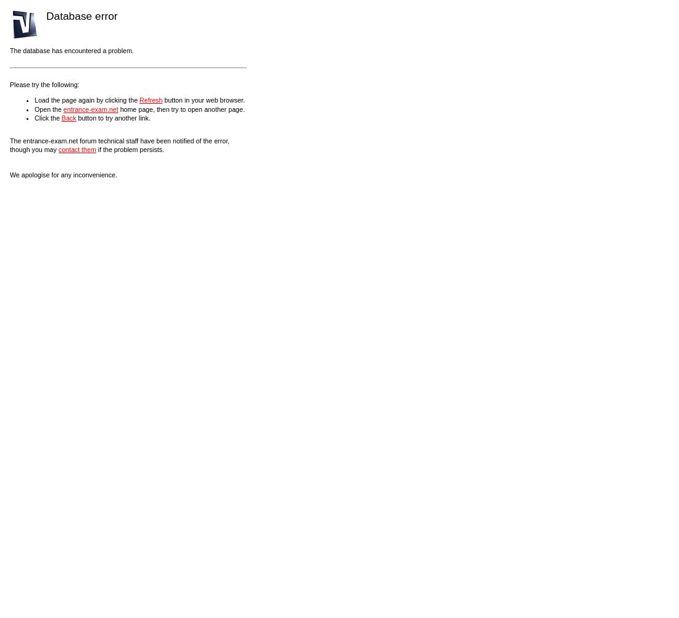 This screenshot has height=618, width=679. Describe the element at coordinates (129, 149) in the screenshot. I see `'if the problem persists.'` at that location.